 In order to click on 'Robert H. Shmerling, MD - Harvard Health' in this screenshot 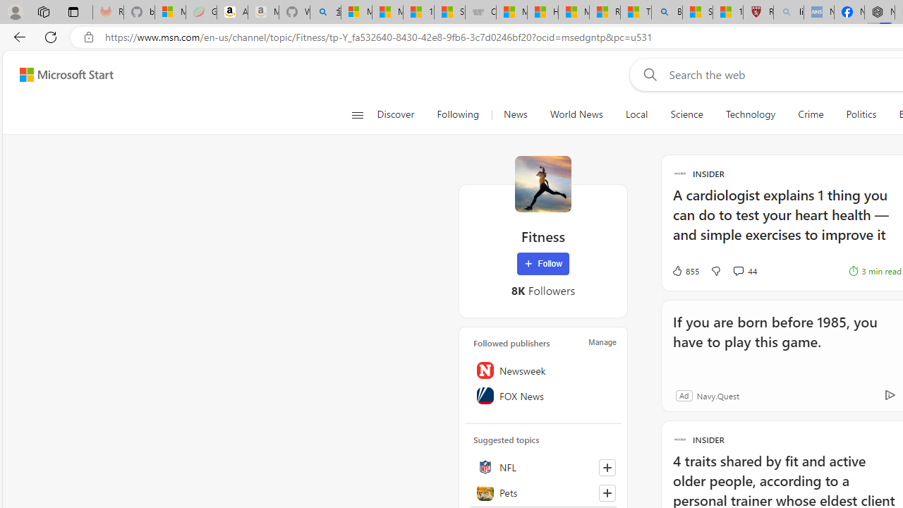, I will do `click(757, 12)`.